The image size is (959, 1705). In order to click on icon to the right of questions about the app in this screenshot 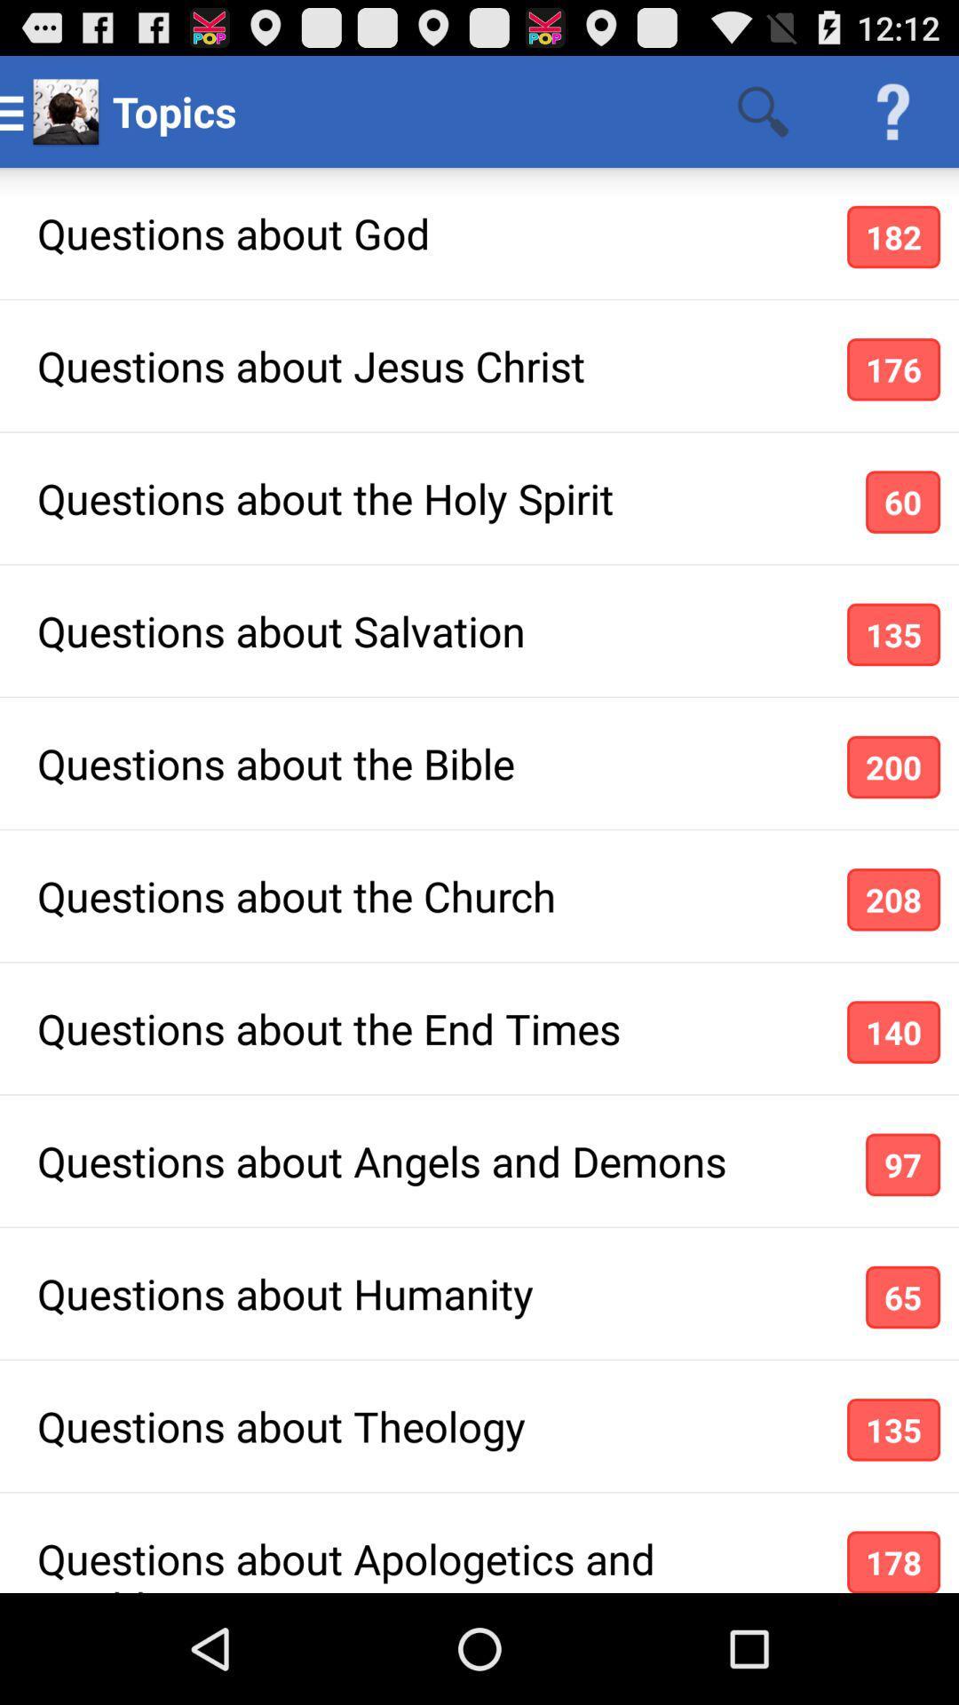, I will do `click(893, 767)`.